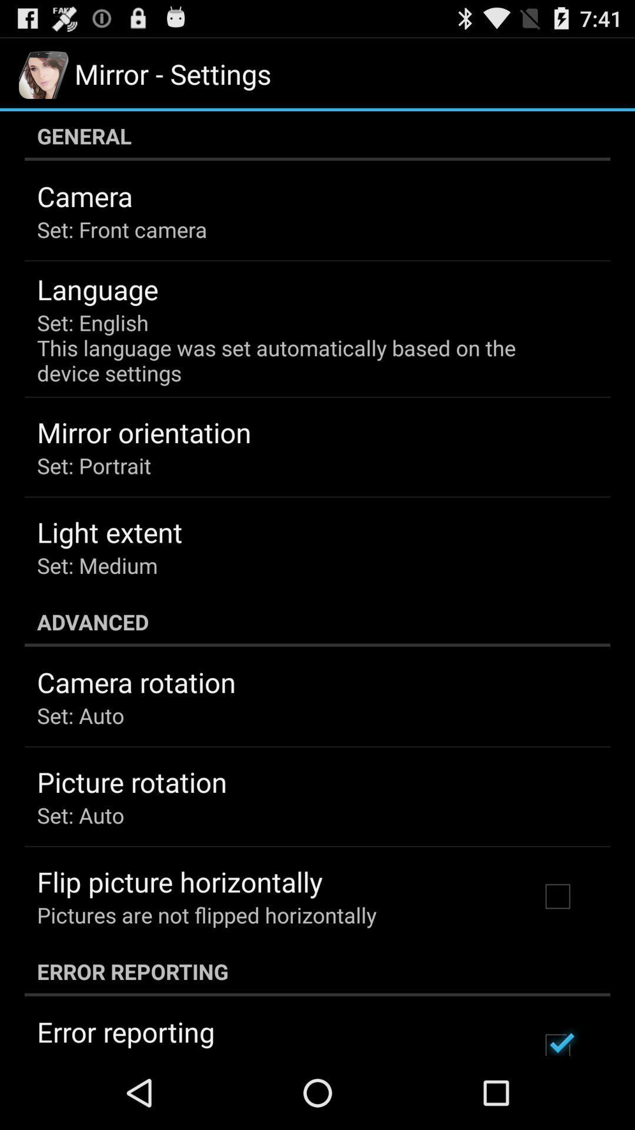 The image size is (635, 1130). I want to click on the flip picture horizontally app, so click(179, 882).